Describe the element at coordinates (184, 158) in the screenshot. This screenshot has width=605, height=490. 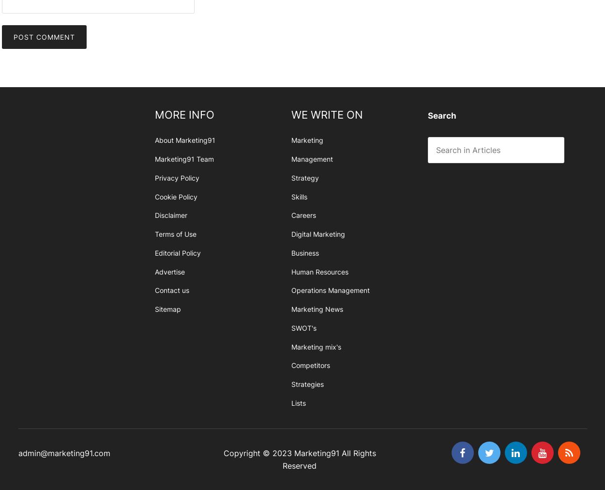
I see `'Marketing91 Team'` at that location.